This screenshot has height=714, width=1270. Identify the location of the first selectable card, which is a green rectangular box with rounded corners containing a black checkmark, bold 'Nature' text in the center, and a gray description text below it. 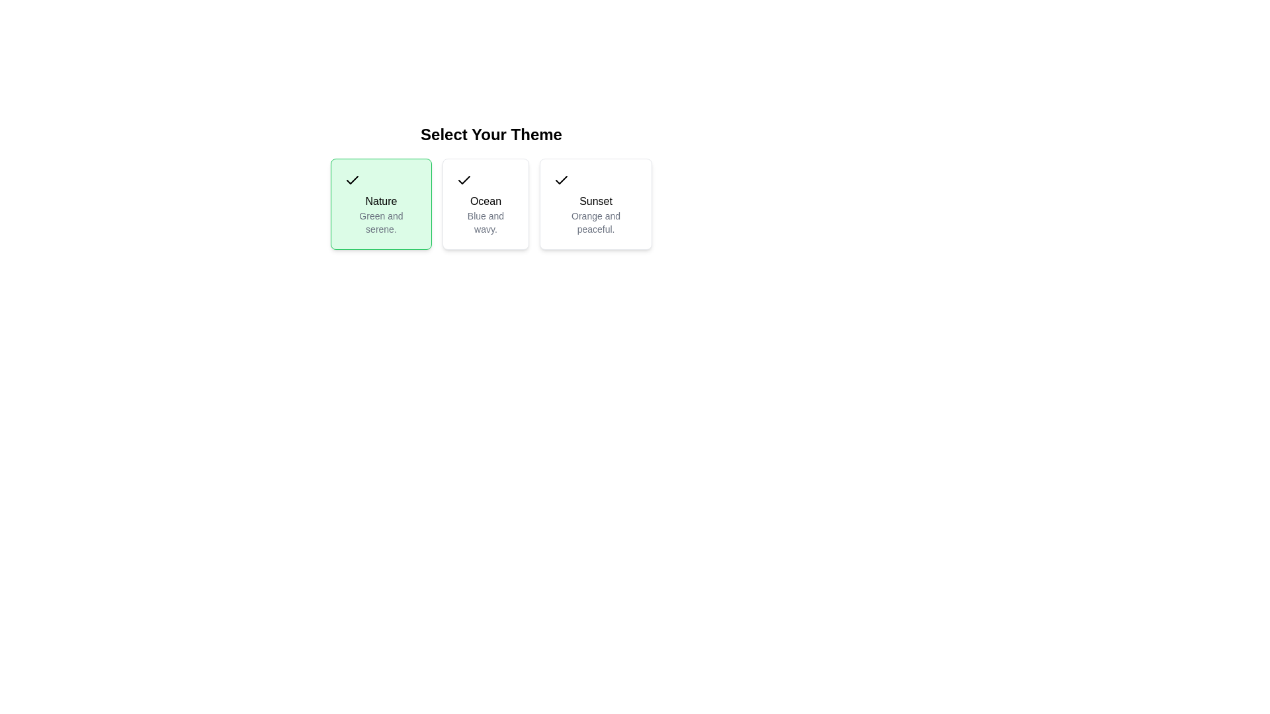
(380, 204).